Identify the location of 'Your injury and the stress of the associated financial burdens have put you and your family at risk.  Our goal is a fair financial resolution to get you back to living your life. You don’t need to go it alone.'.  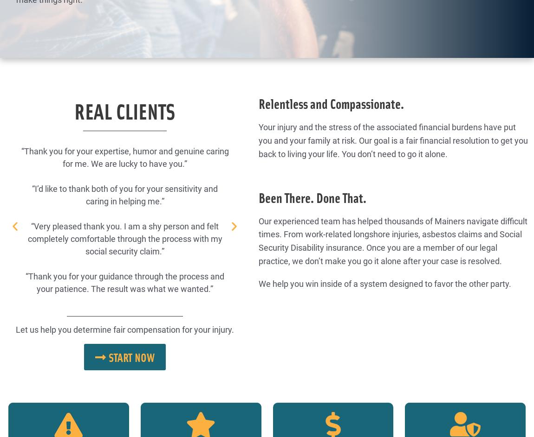
(392, 139).